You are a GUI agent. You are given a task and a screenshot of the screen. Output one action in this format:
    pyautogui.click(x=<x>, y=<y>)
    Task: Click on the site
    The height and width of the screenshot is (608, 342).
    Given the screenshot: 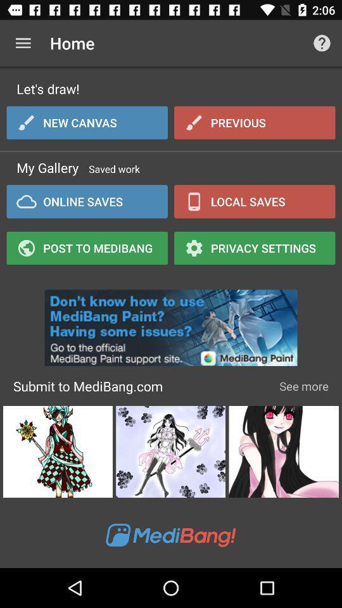 What is the action you would take?
    pyautogui.click(x=171, y=324)
    